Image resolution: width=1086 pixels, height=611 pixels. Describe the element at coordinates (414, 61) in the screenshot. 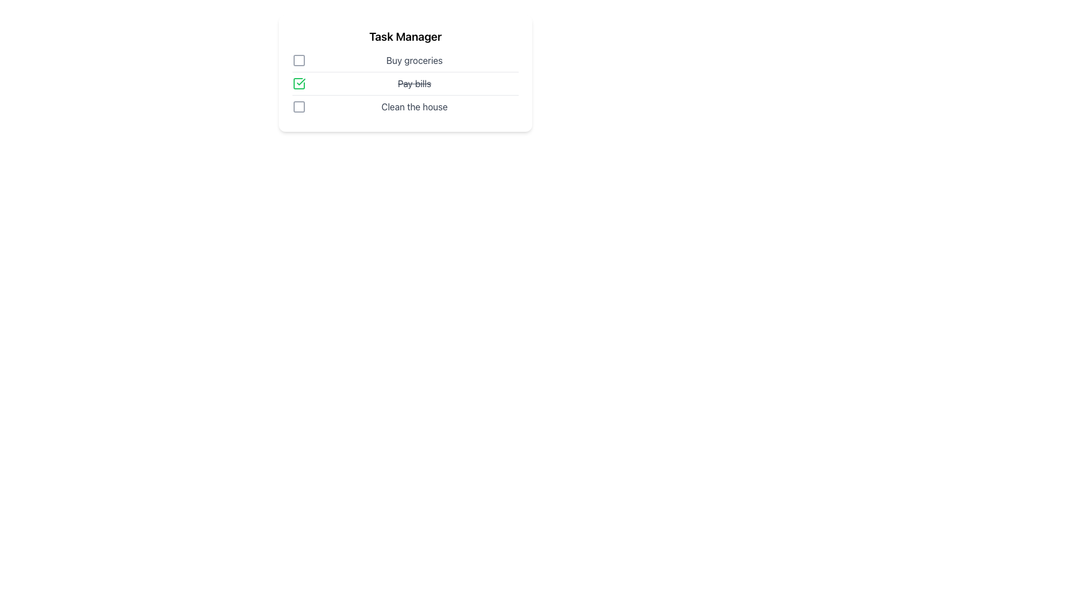

I see `the 'Buy groceries' text label to possibly edit the text` at that location.